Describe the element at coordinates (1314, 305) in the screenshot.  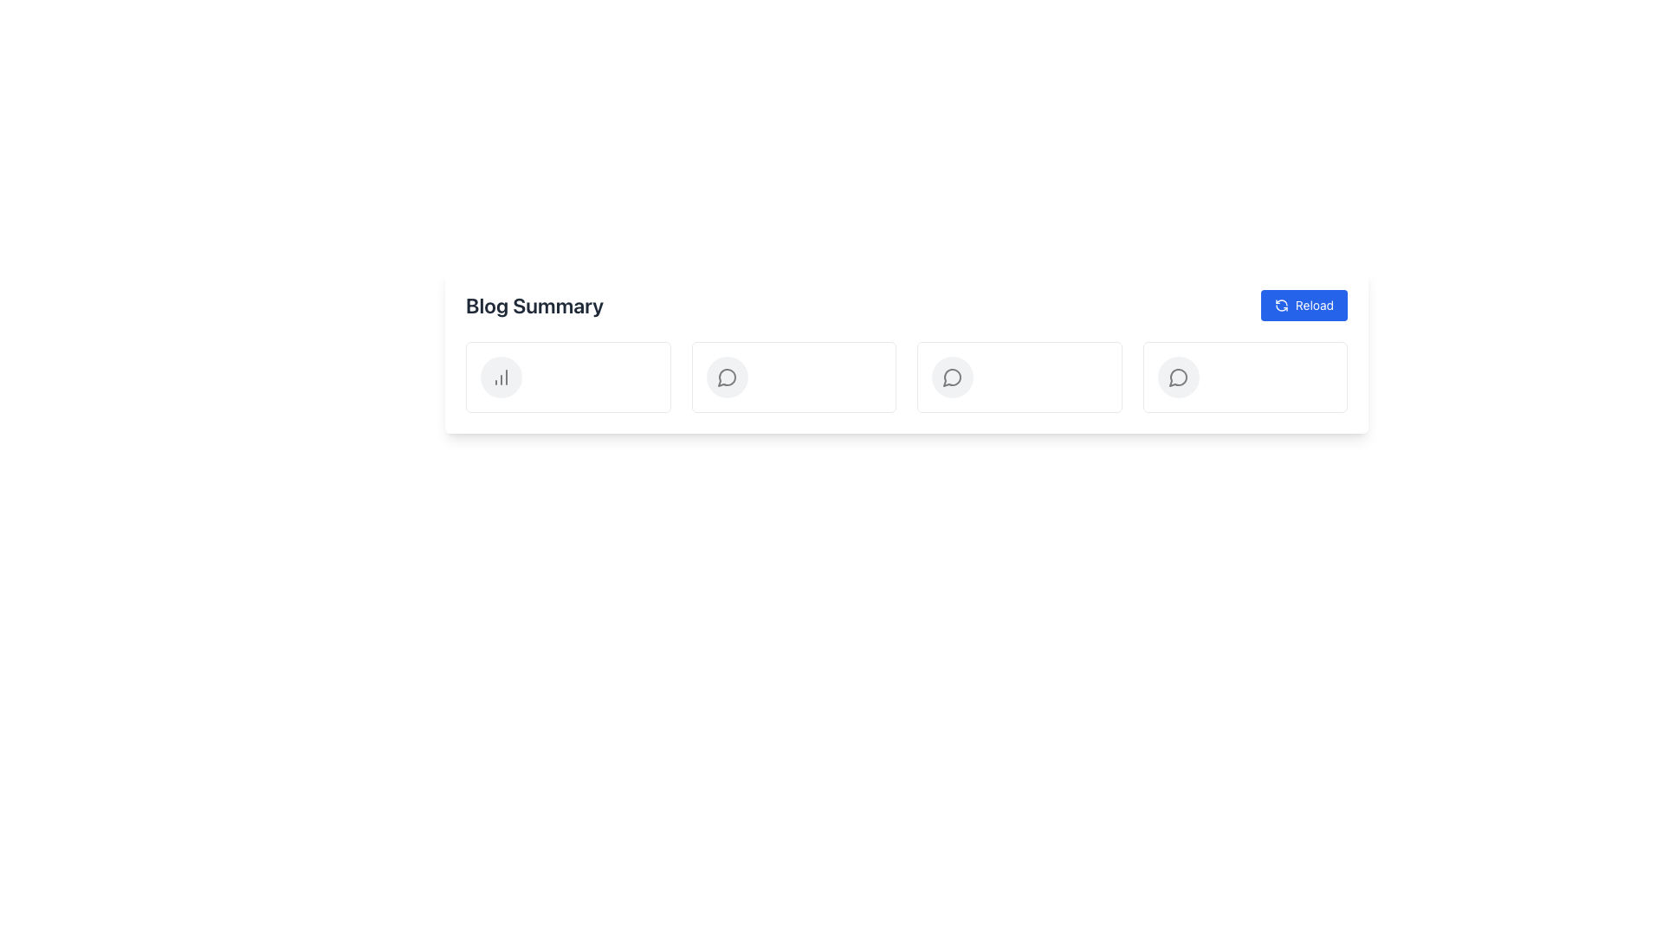
I see `the text label within the button located at the top-right corner of the 'Blog Summary' section` at that location.